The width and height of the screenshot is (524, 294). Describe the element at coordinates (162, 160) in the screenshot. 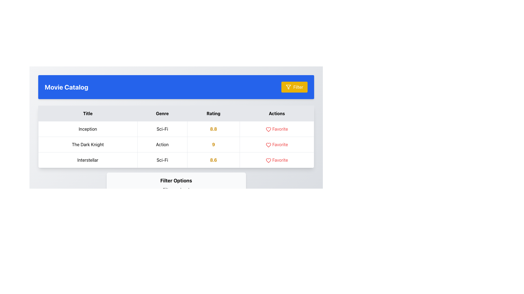

I see `the text element displaying 'Sci-Fi' in the Genre column of the movie table, located in the third row next to 'Interstellar'` at that location.